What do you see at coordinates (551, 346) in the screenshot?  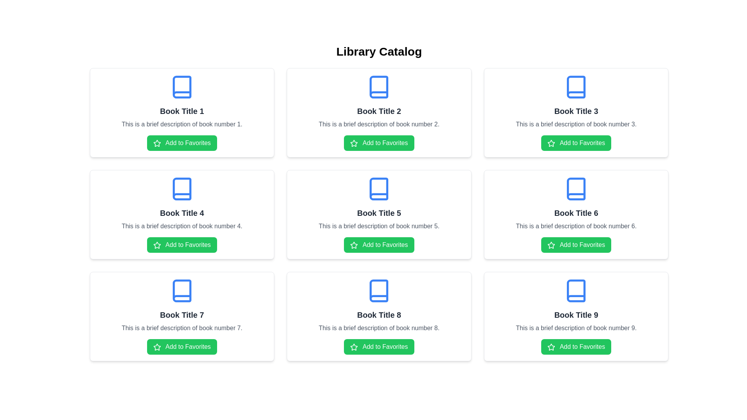 I see `the star icon that indicates 'Add to Favorites' for the book titled 'Book Title 9', located in the bottom-right corner of the grid layout` at bounding box center [551, 346].